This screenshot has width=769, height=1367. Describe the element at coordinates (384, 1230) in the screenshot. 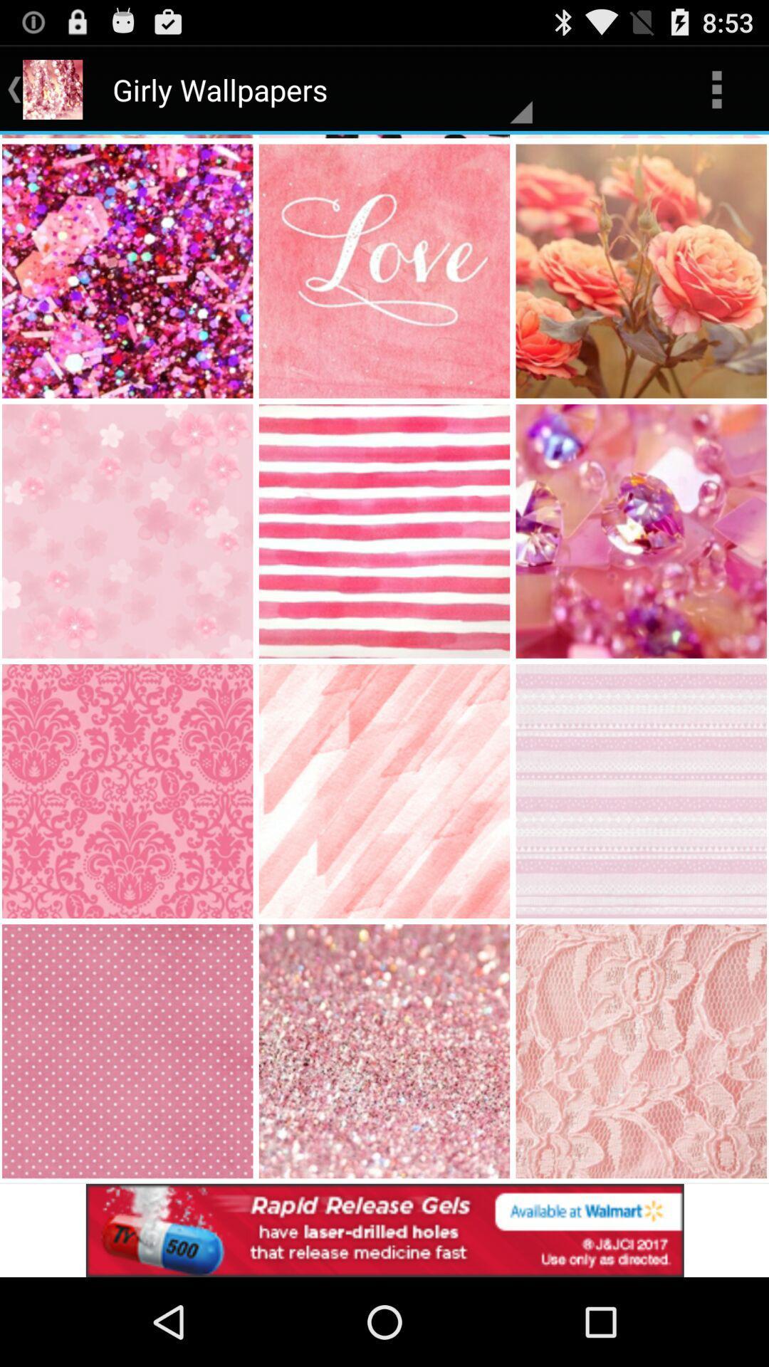

I see `advertisement for walmart` at that location.